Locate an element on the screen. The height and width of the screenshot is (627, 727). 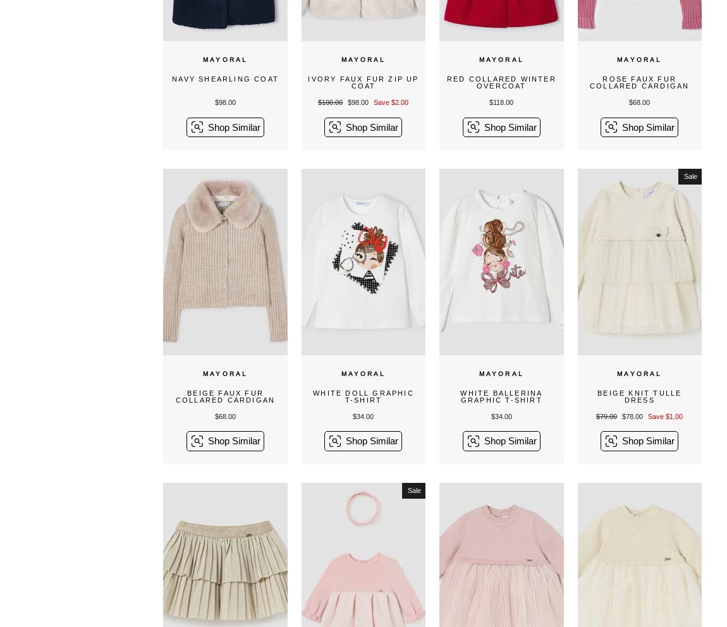
'$78.00' is located at coordinates (633, 415).